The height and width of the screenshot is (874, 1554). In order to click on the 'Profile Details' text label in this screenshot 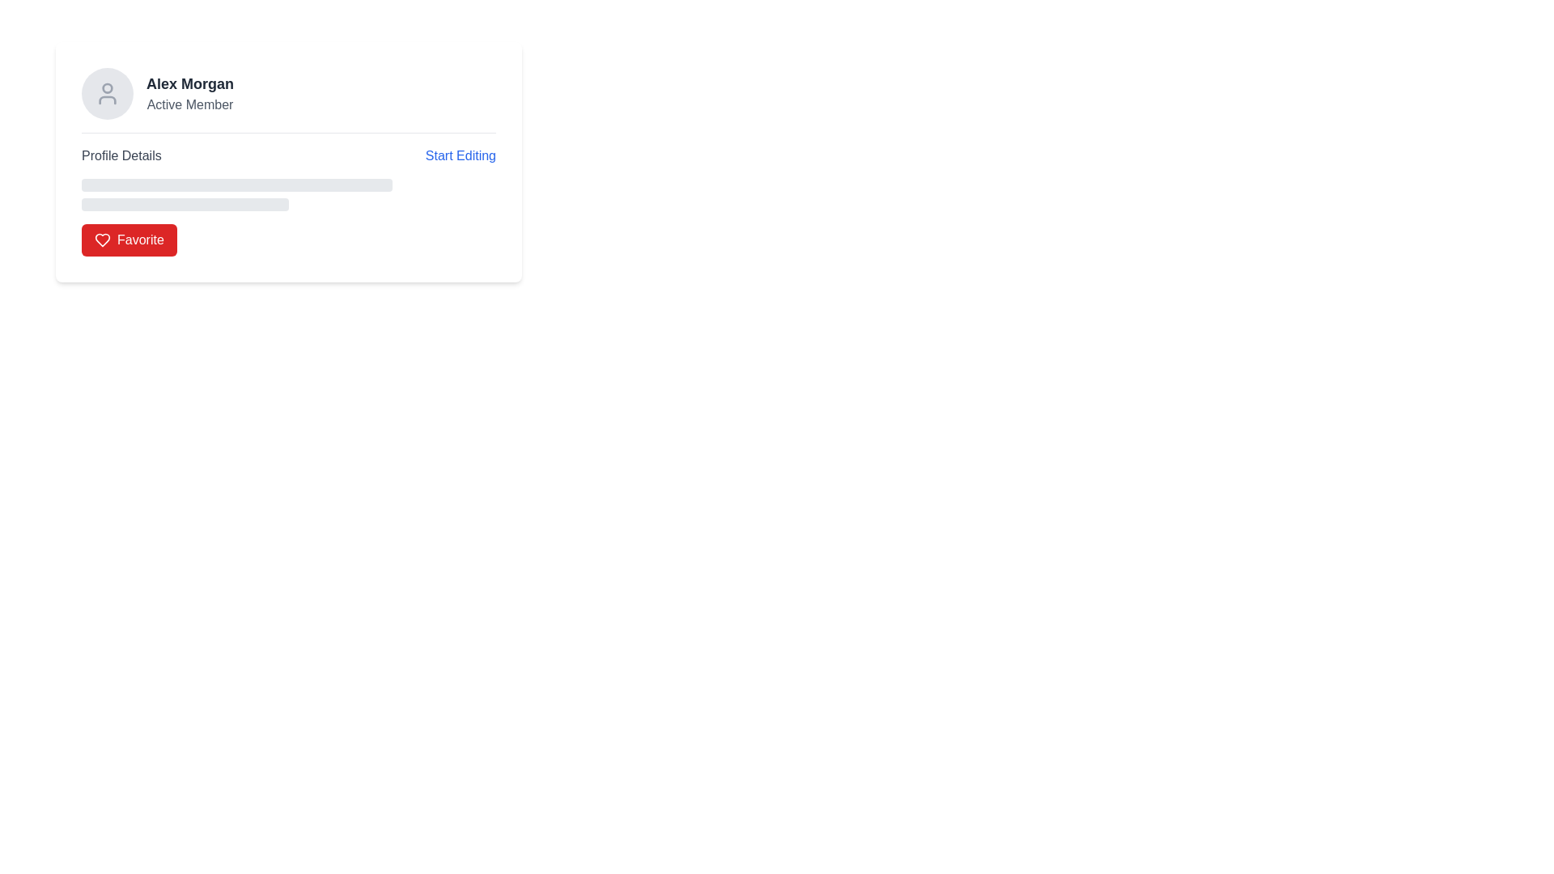, I will do `click(121, 155)`.